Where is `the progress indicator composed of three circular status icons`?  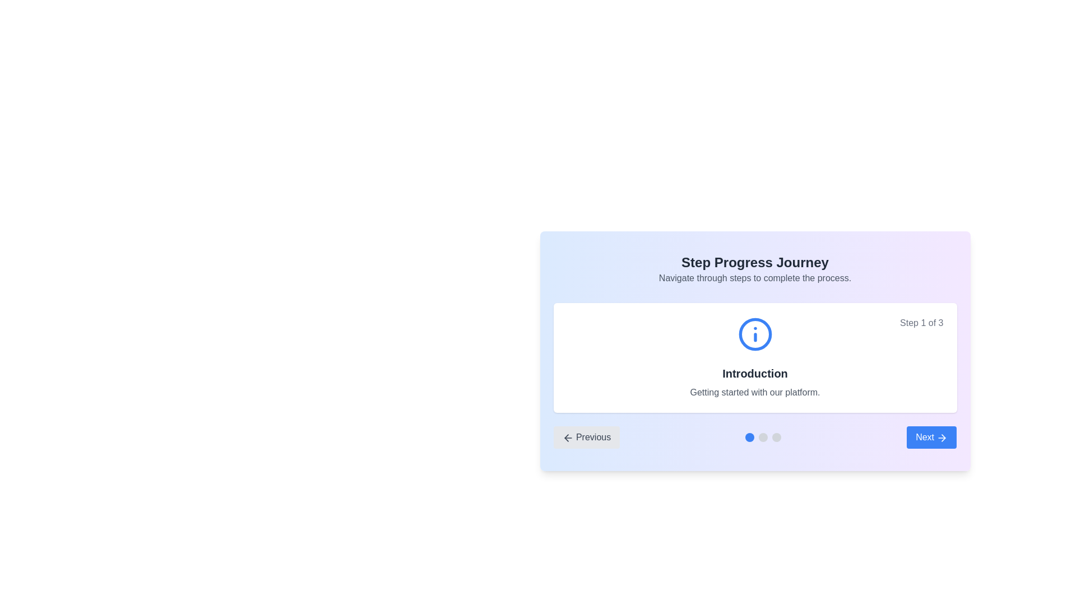
the progress indicator composed of three circular status icons is located at coordinates (763, 436).